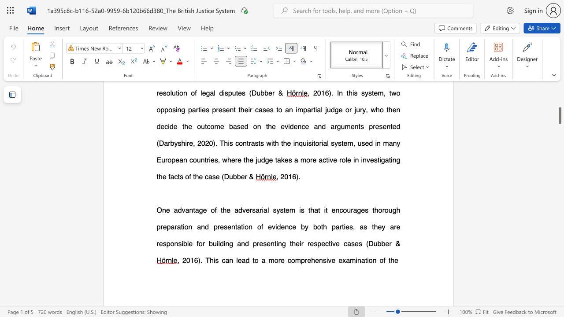 The height and width of the screenshot is (317, 564). I want to click on the 2th character "o" in the text, so click(200, 243).